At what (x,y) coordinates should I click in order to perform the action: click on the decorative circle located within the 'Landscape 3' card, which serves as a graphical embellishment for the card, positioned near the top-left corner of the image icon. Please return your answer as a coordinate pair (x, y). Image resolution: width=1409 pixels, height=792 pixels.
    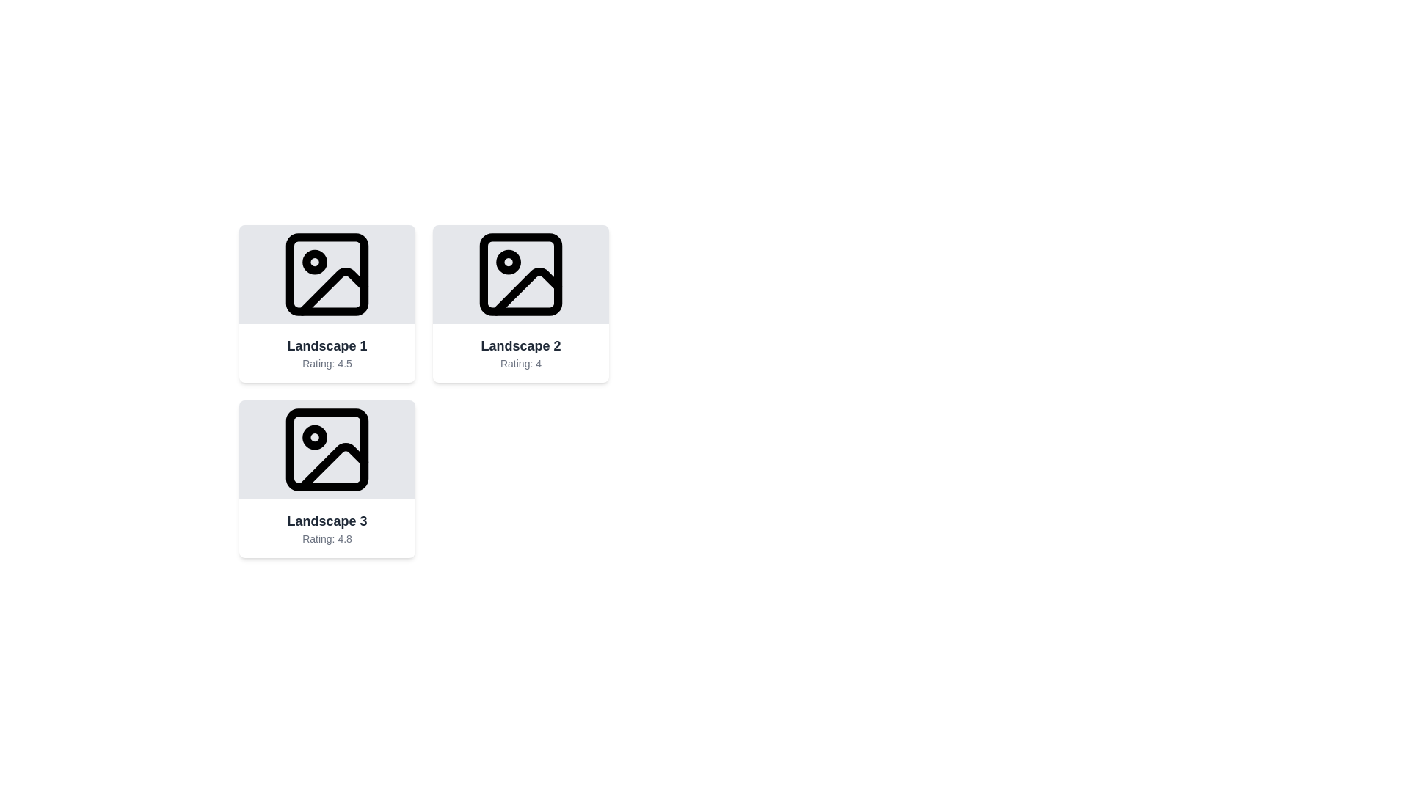
    Looking at the image, I should click on (314, 436).